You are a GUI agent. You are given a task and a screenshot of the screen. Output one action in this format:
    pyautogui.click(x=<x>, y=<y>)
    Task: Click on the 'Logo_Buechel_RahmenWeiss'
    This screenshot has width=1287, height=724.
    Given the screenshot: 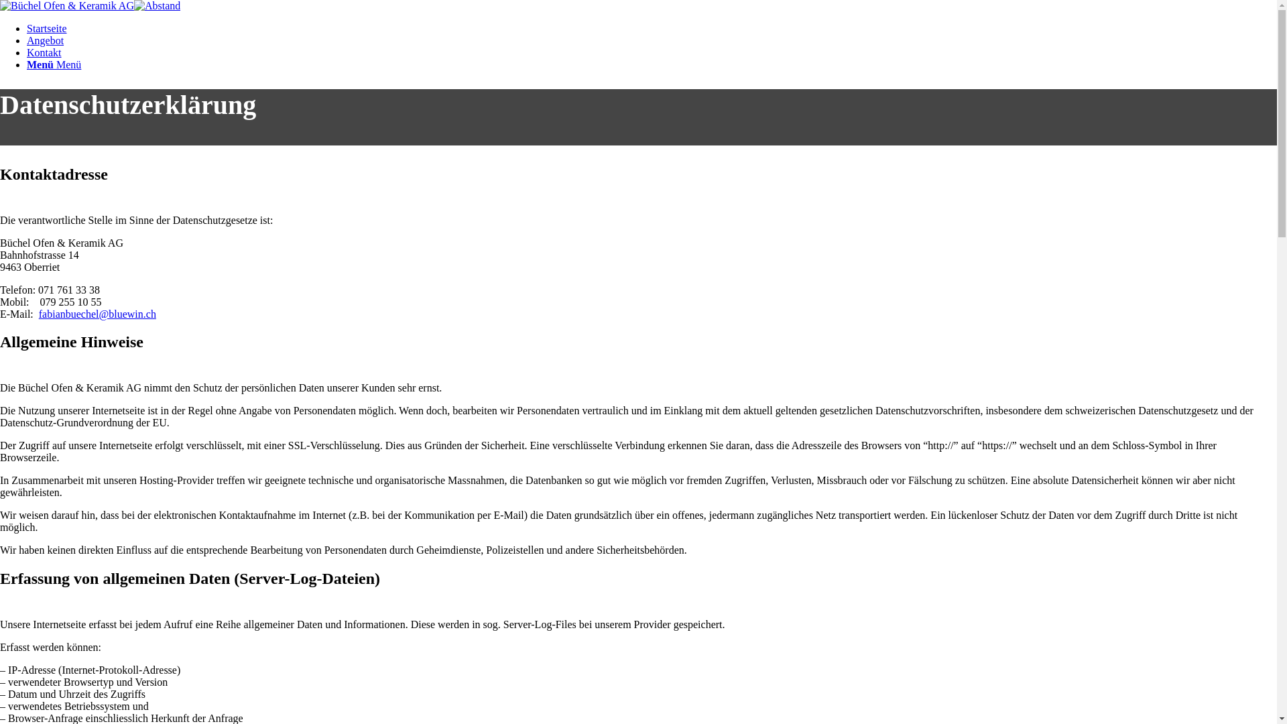 What is the action you would take?
    pyautogui.click(x=66, y=5)
    